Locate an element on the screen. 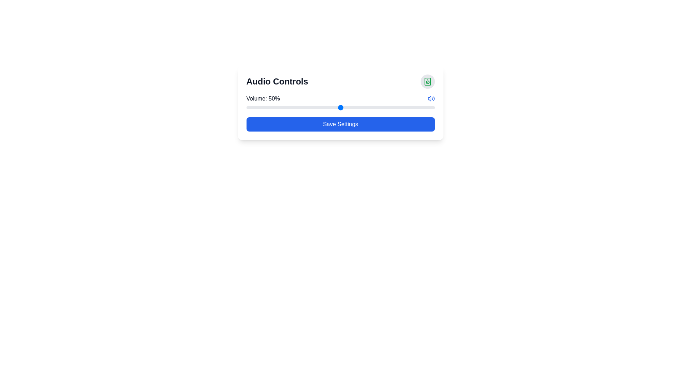  the volume control icon located immediately to the right of the text 'Volume: 50%' in the volume control section of the interface is located at coordinates (431, 99).